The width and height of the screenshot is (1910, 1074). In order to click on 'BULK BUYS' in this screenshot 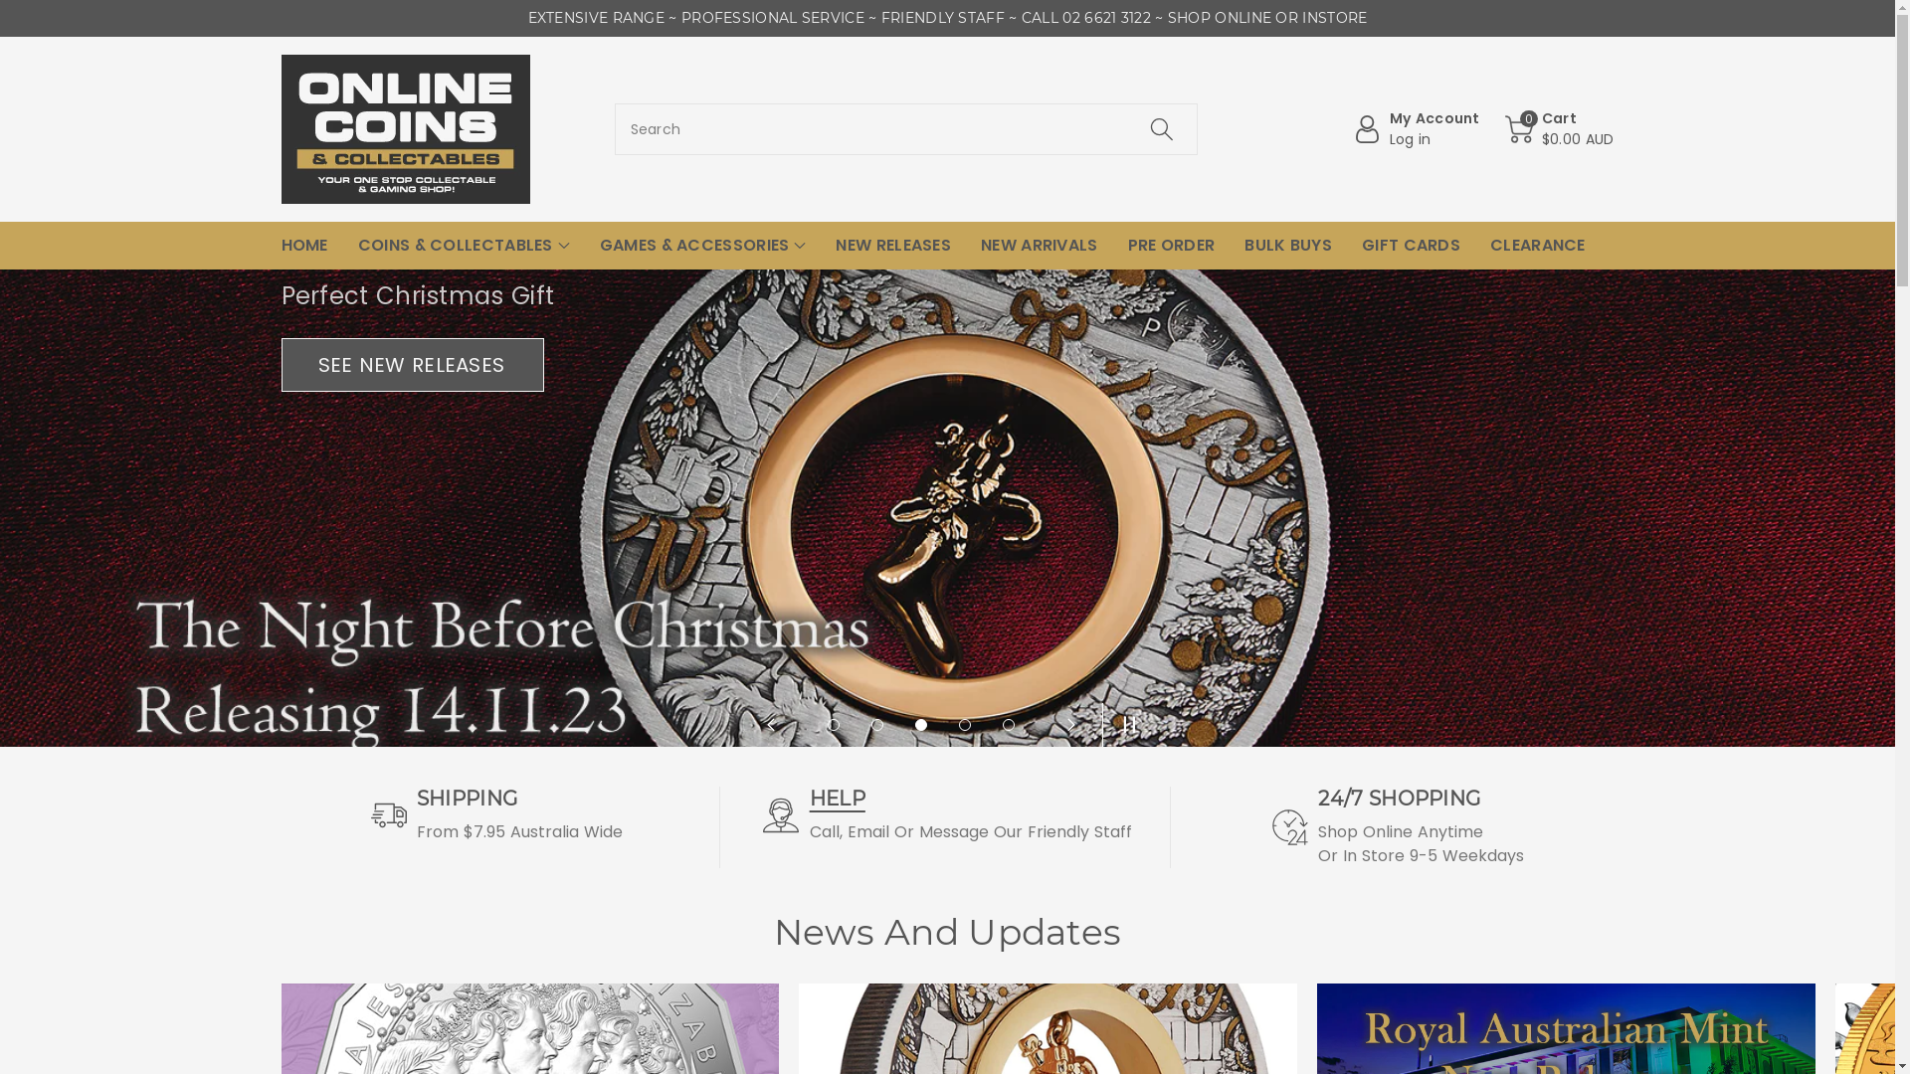, I will do `click(1243, 244)`.